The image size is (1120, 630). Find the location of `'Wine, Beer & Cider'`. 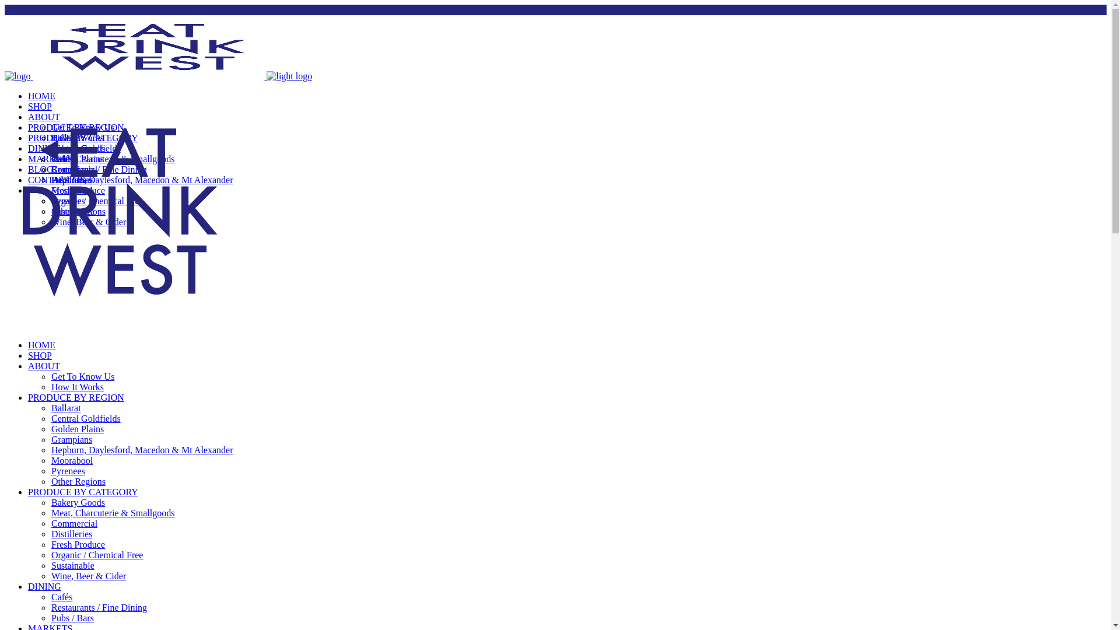

'Wine, Beer & Cider' is located at coordinates (88, 575).